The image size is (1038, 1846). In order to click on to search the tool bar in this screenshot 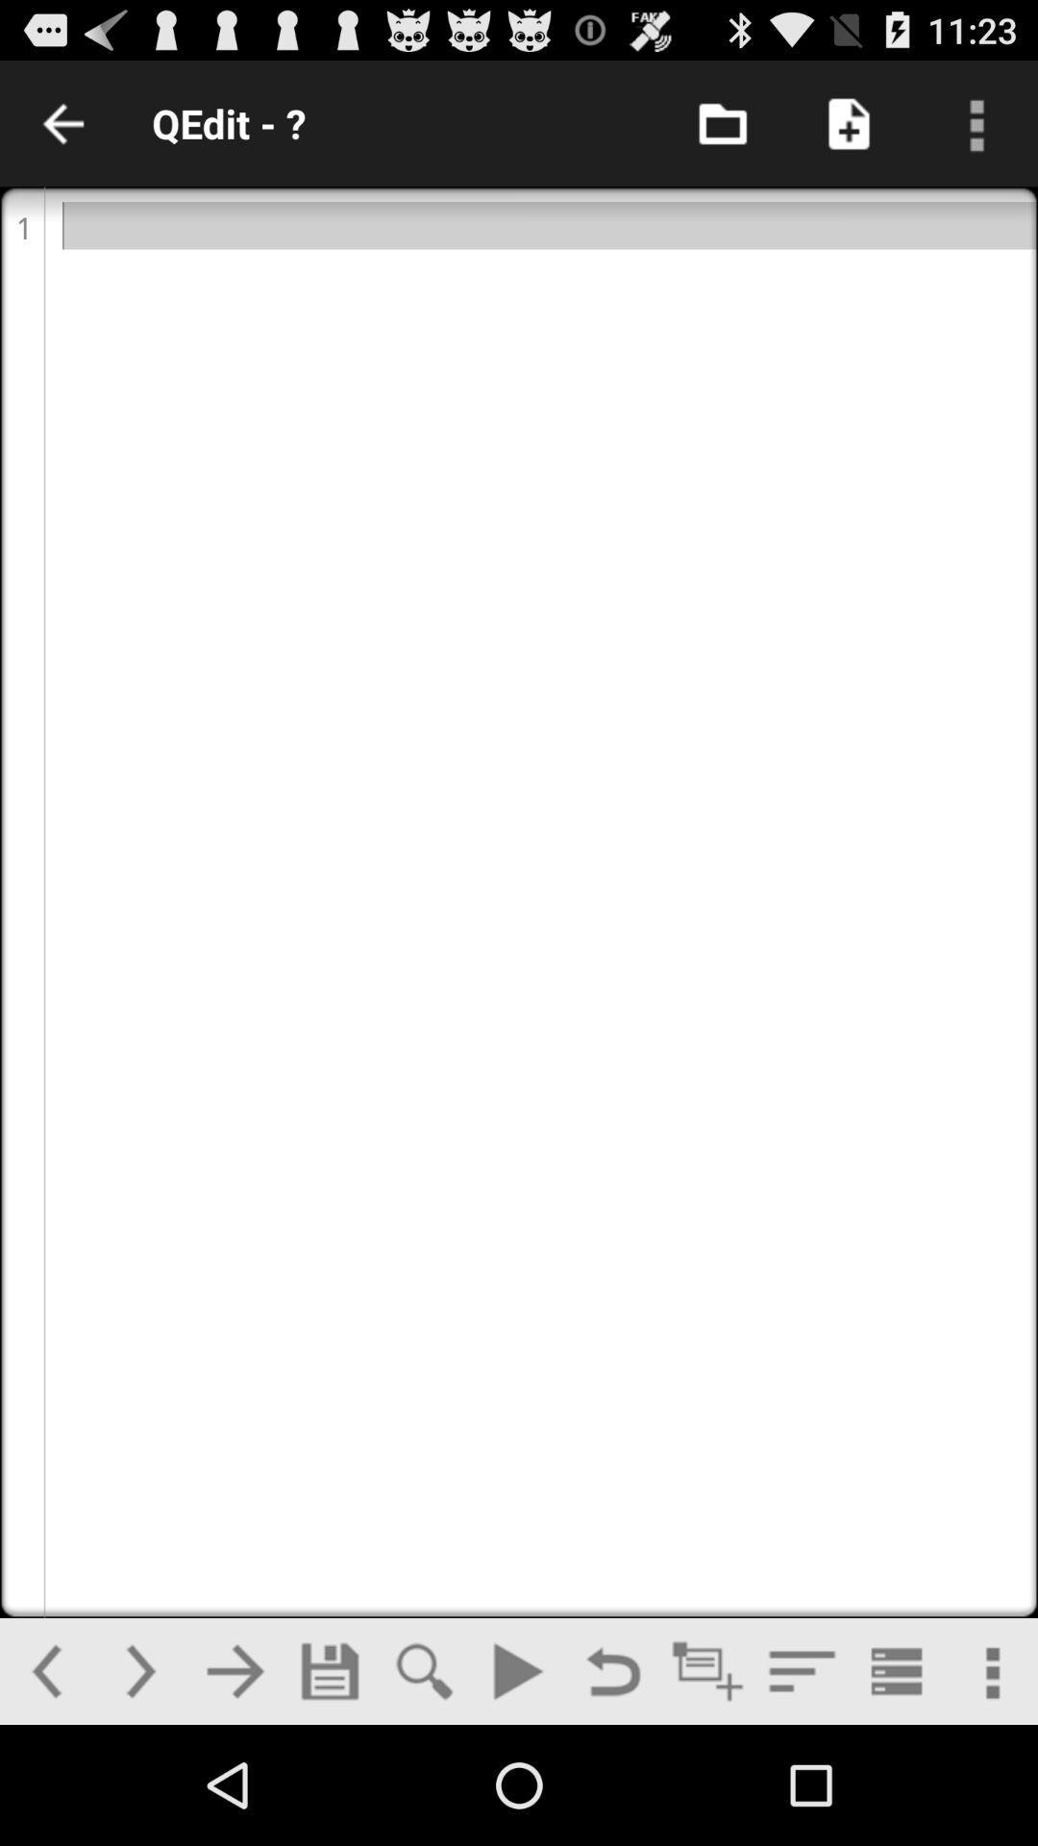, I will do `click(423, 1670)`.